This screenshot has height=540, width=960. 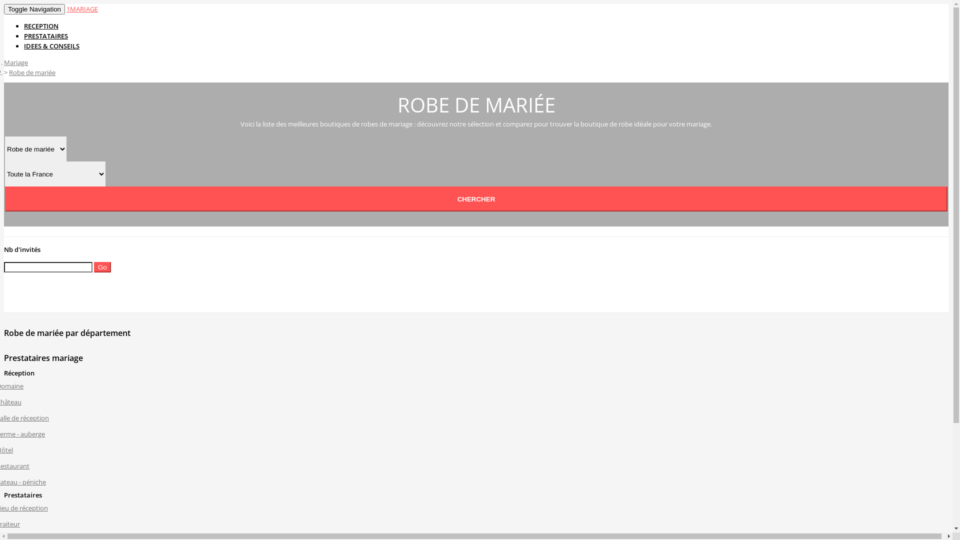 What do you see at coordinates (40, 25) in the screenshot?
I see `'RECEPTION'` at bounding box center [40, 25].